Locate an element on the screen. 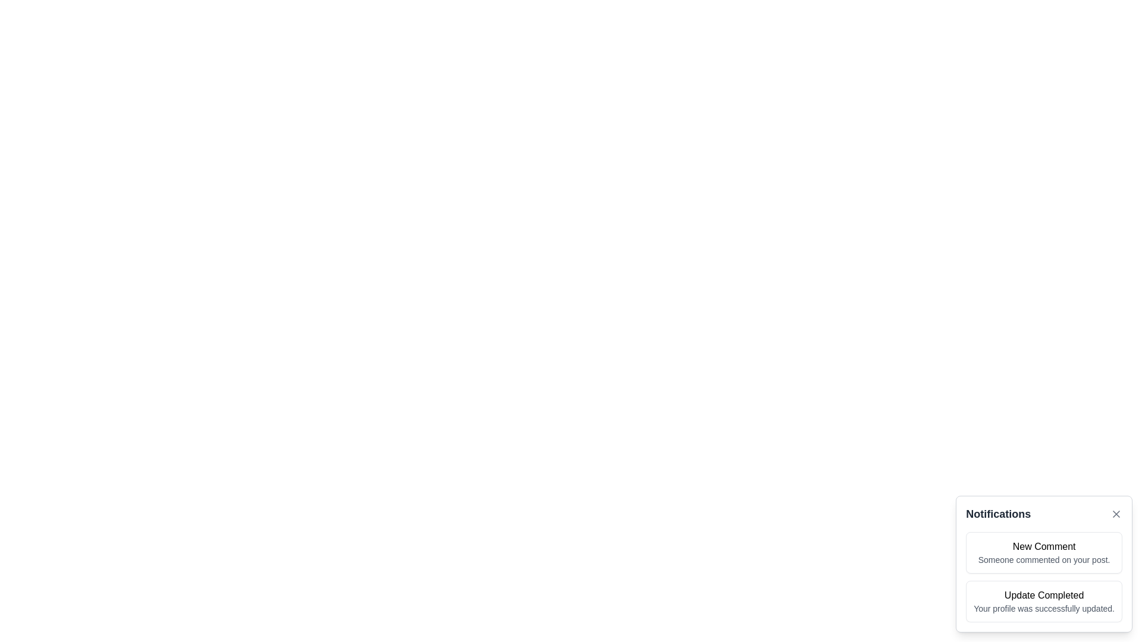  the title text element for the notifications section, which indicates updates or messages is located at coordinates (998, 513).